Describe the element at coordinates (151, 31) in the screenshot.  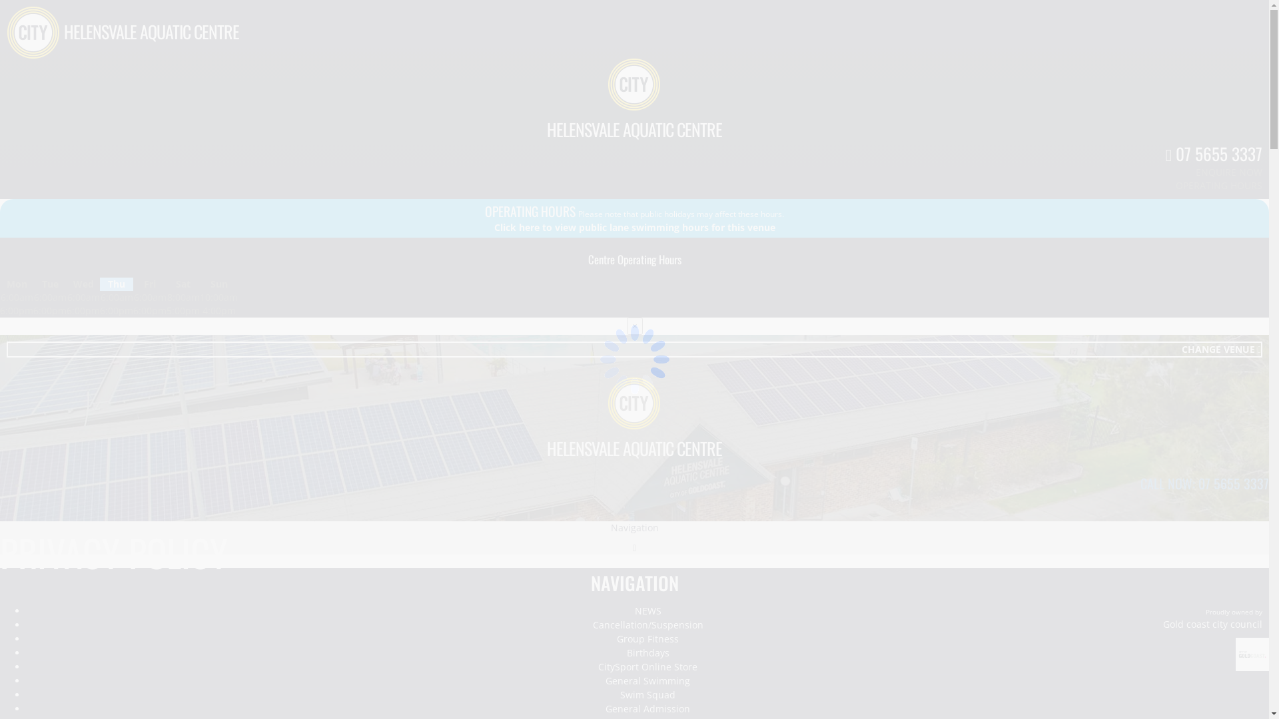
I see `'HELENSVALE AQUATIC CENTRE'` at that location.